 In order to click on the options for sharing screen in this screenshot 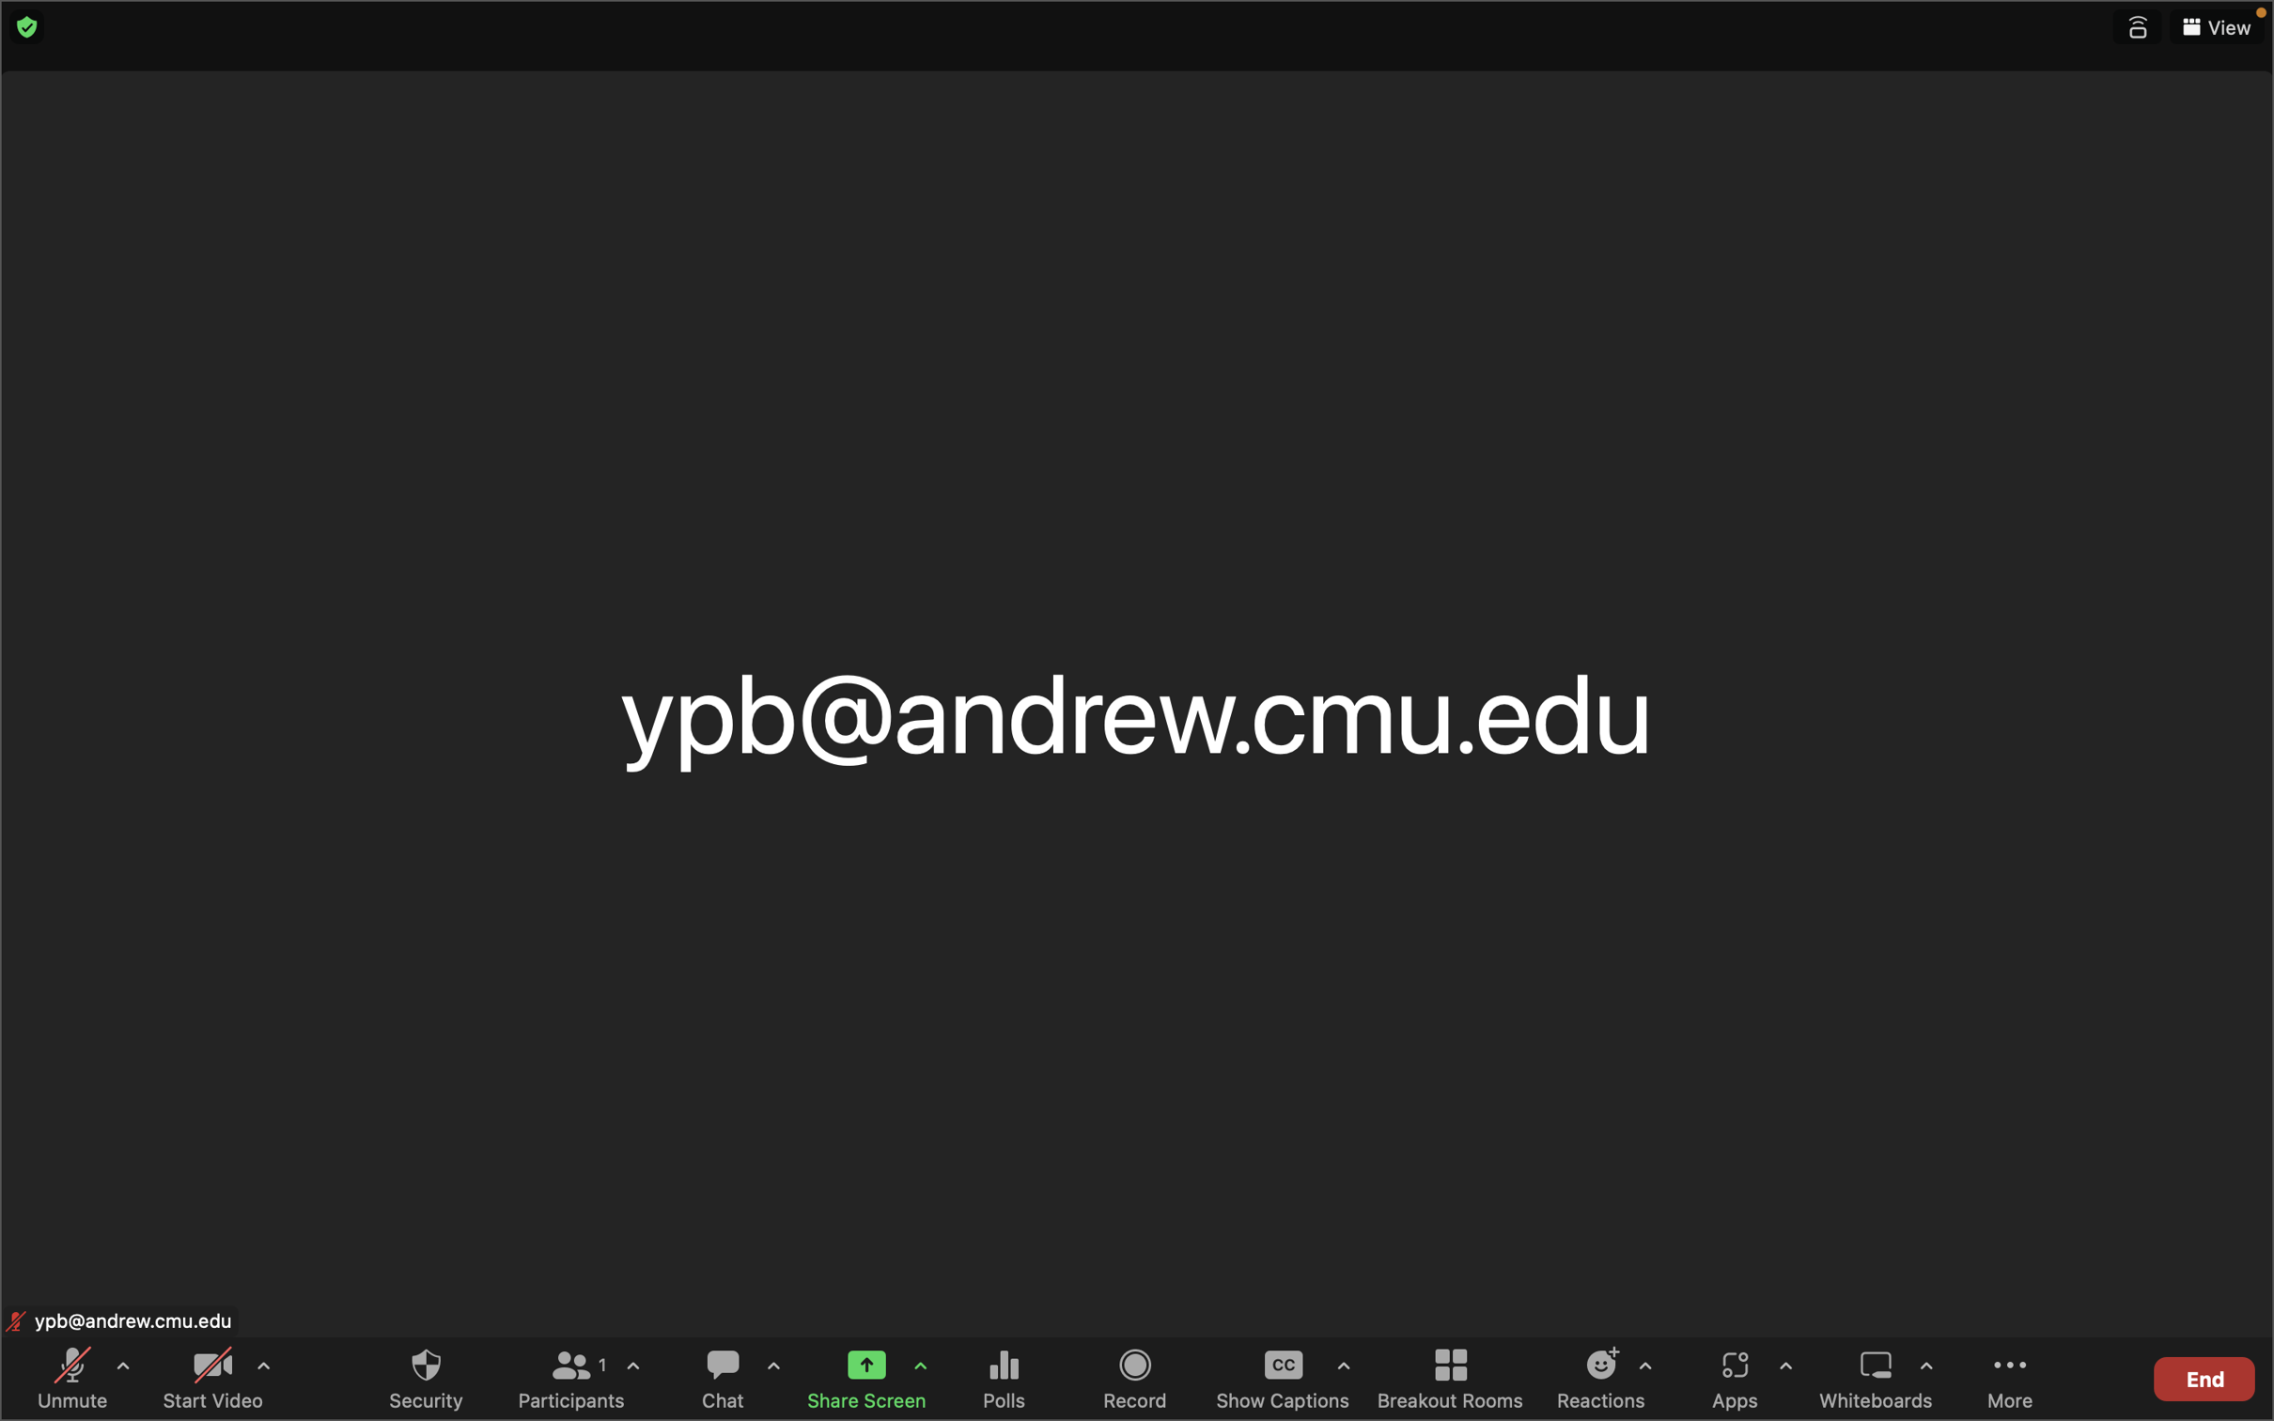, I will do `click(920, 1368)`.